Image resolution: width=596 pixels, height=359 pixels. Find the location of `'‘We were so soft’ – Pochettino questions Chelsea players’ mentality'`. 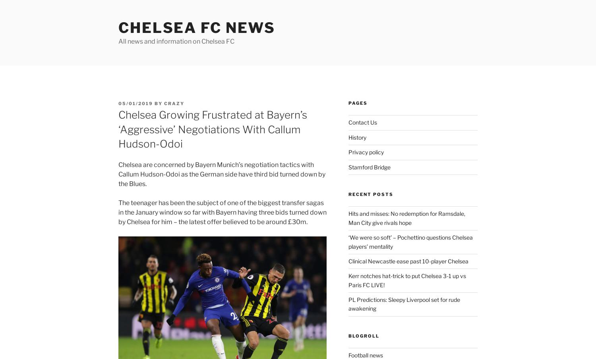

'‘We were so soft’ – Pochettino questions Chelsea players’ mentality' is located at coordinates (410, 241).